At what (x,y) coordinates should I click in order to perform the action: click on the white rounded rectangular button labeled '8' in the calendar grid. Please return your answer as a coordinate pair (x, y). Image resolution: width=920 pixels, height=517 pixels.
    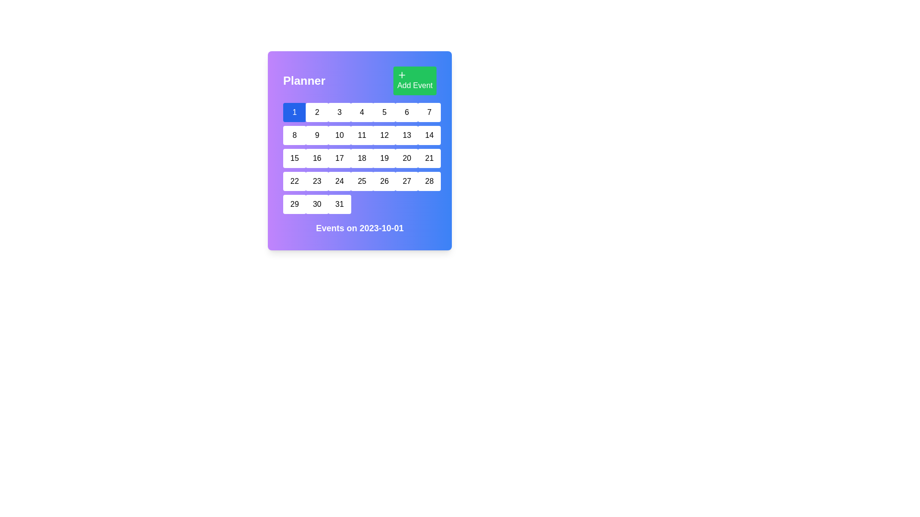
    Looking at the image, I should click on (294, 135).